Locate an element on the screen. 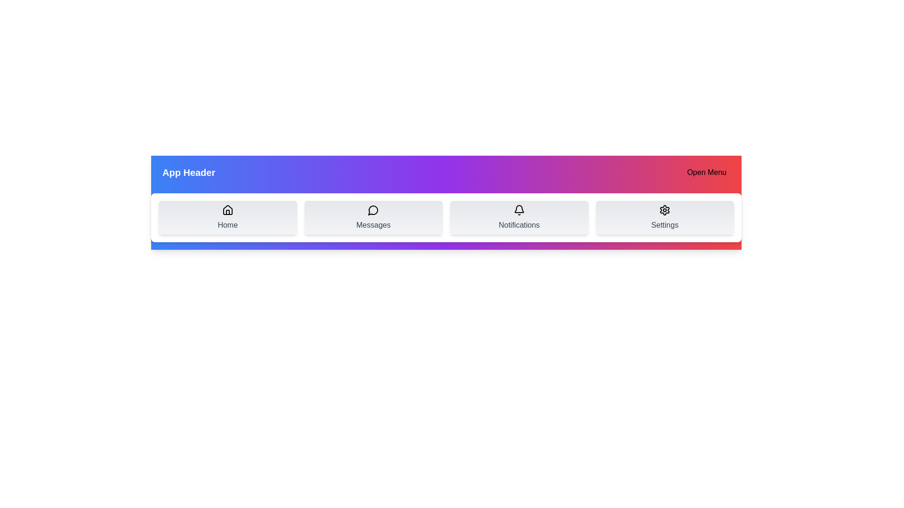  the menu item Notifications by clicking on it is located at coordinates (518, 217).